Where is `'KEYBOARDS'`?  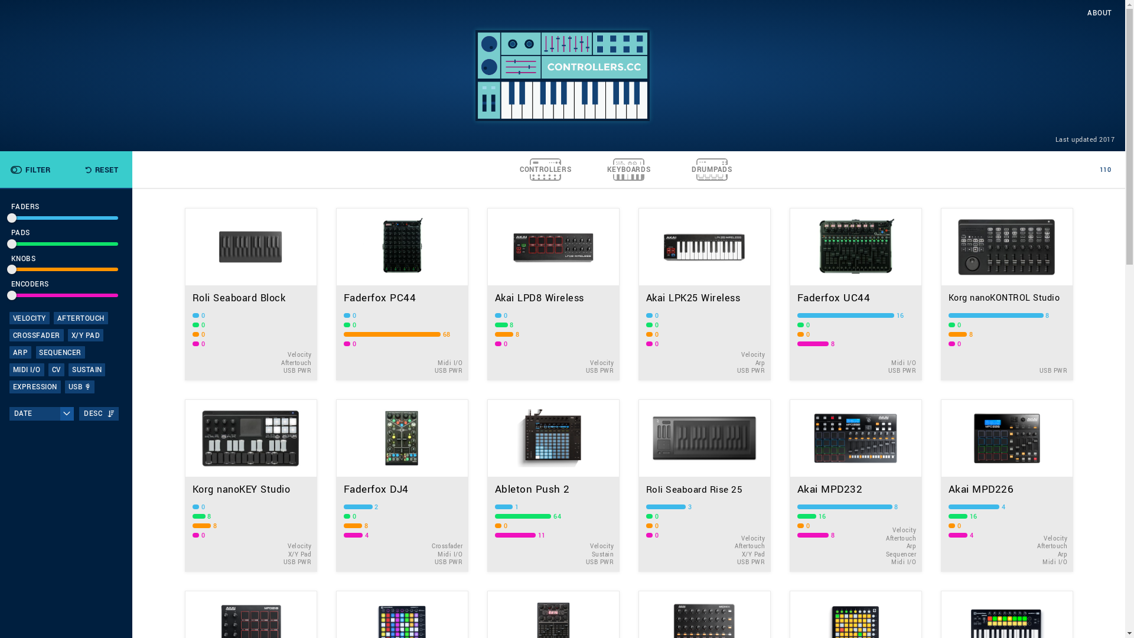
'KEYBOARDS' is located at coordinates (628, 169).